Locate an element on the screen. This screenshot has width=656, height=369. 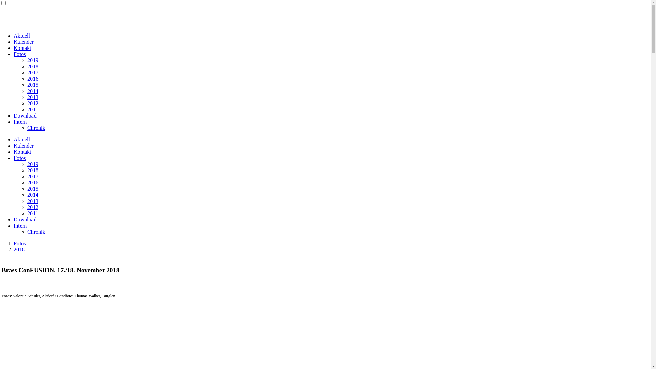
'2018' is located at coordinates (32, 170).